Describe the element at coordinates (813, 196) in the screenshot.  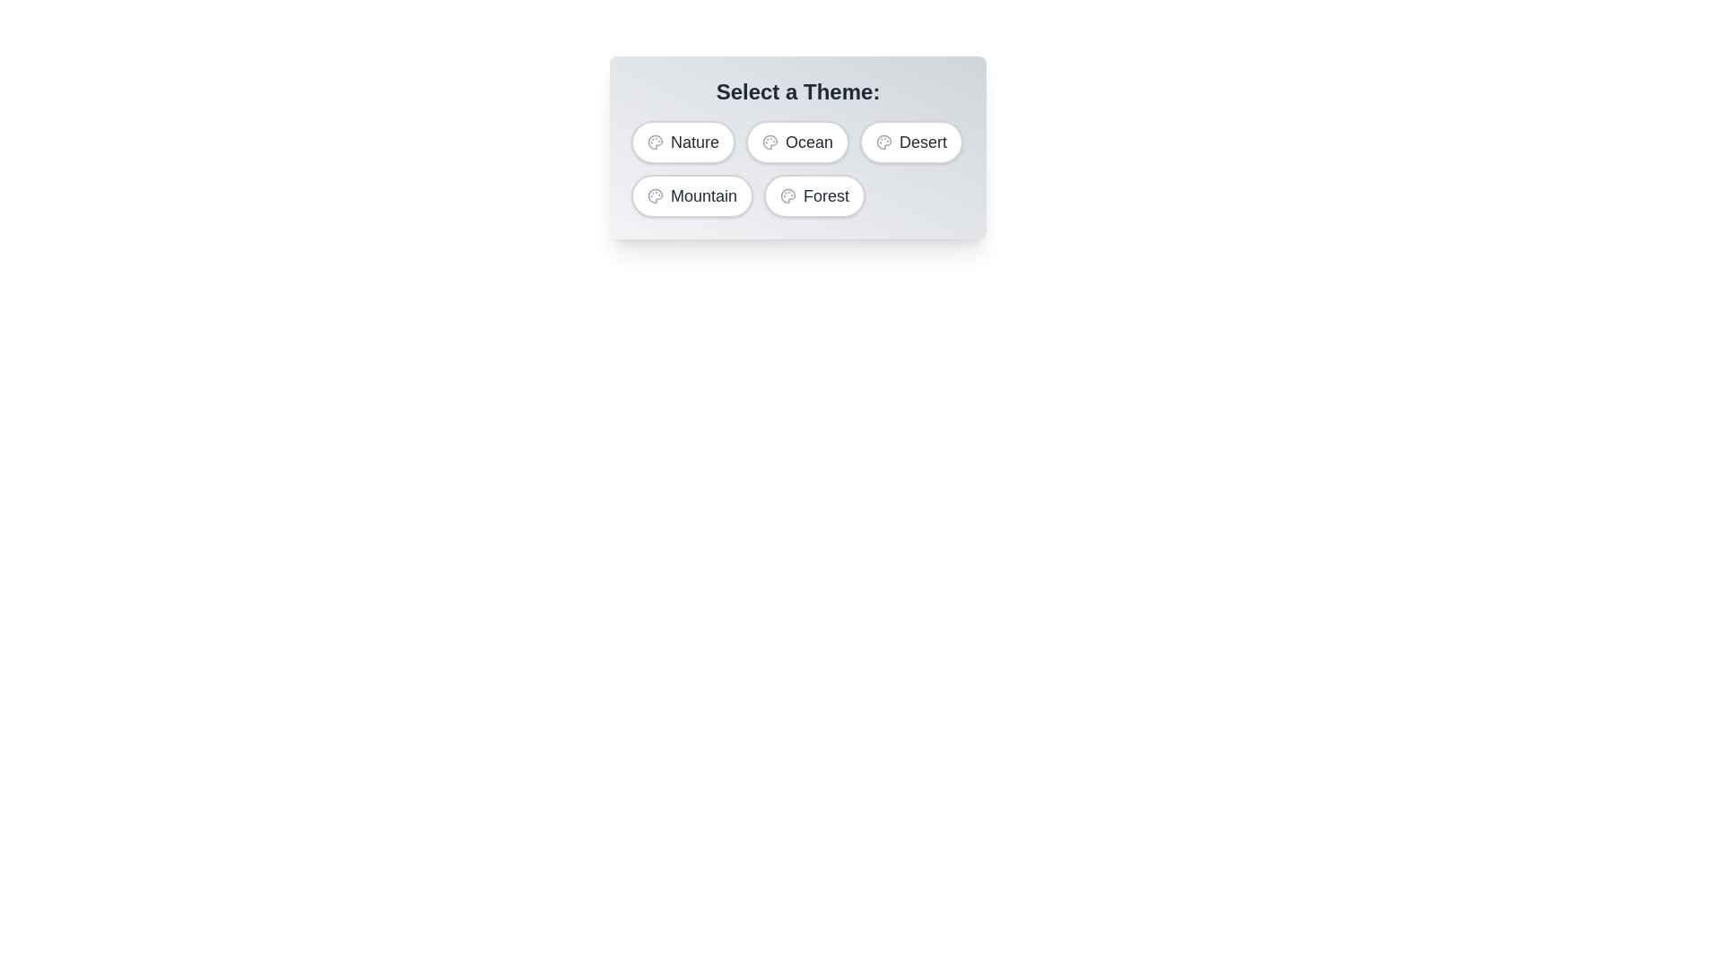
I see `the Forest button to select it` at that location.